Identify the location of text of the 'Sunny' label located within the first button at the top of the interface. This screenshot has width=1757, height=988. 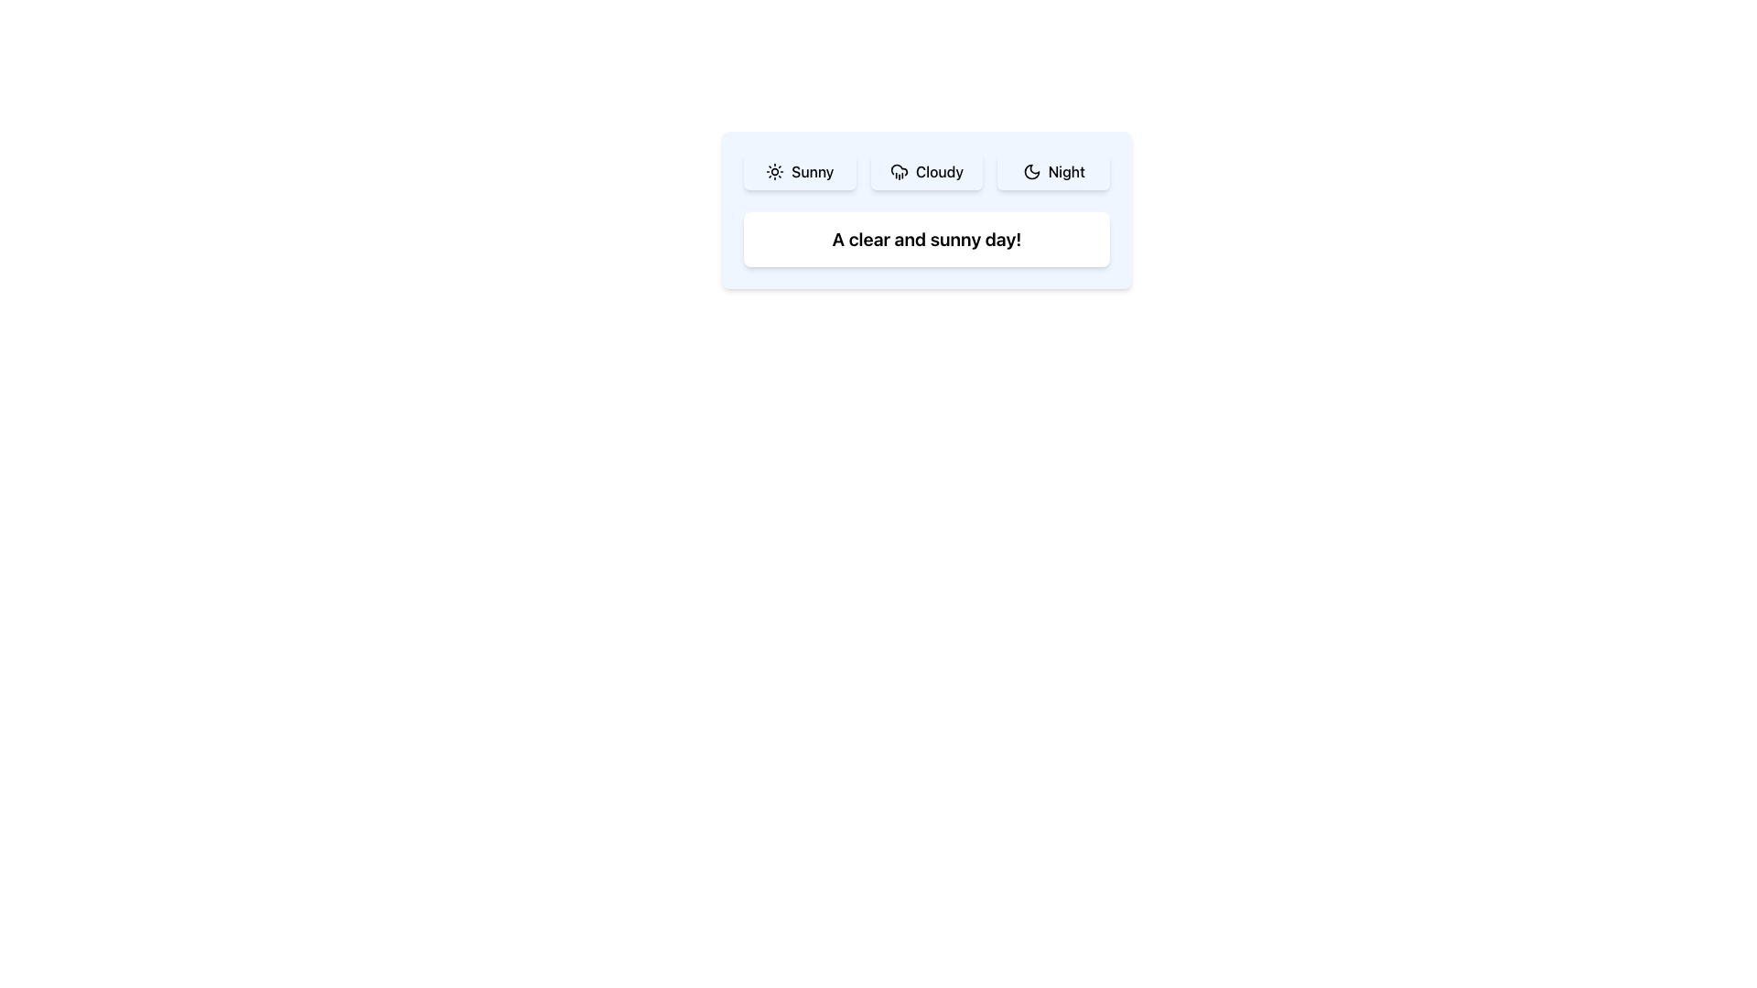
(812, 172).